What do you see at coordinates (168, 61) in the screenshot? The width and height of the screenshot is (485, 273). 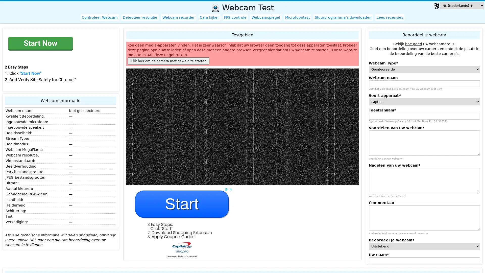 I see `Klik hier om de camera met geweld te starten` at bounding box center [168, 61].